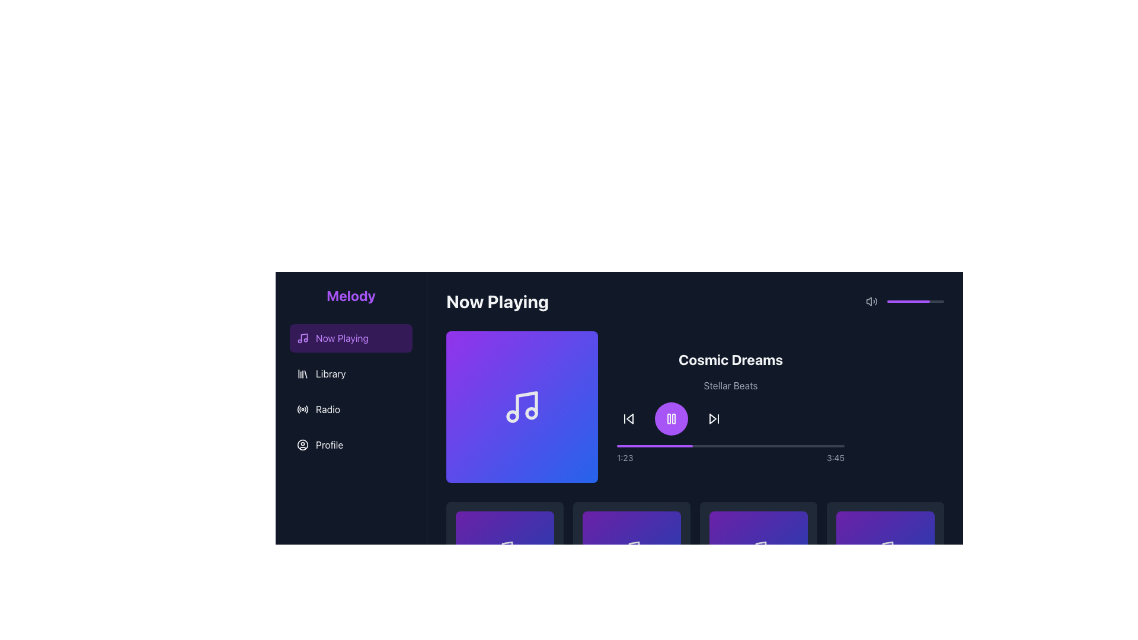 The height and width of the screenshot is (640, 1138). I want to click on the playback progress, so click(683, 446).